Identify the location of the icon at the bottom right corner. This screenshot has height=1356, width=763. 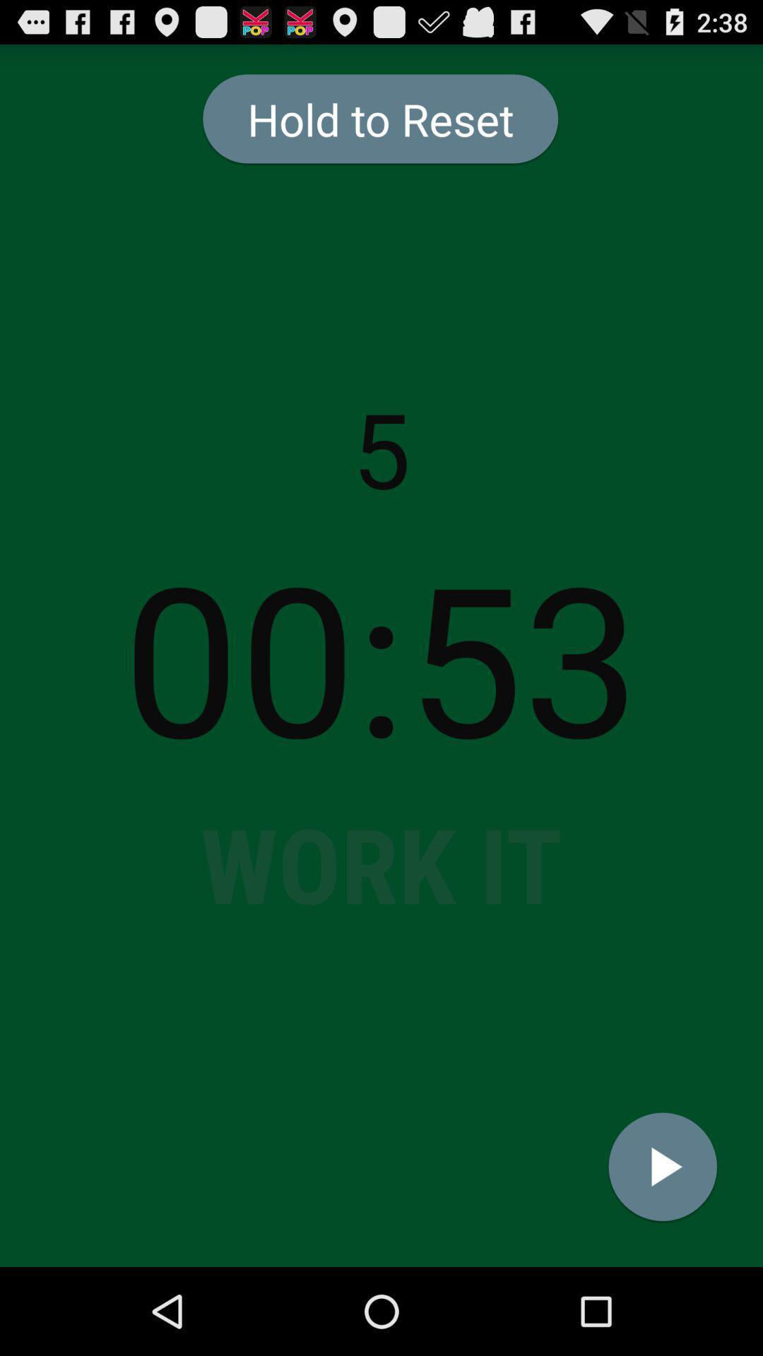
(663, 1167).